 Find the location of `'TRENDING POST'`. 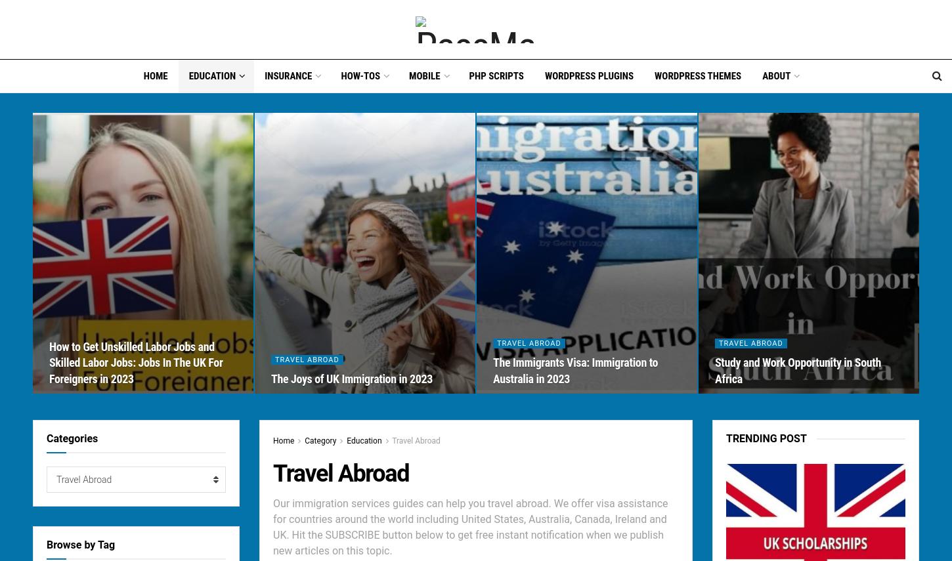

'TRENDING POST' is located at coordinates (765, 438).